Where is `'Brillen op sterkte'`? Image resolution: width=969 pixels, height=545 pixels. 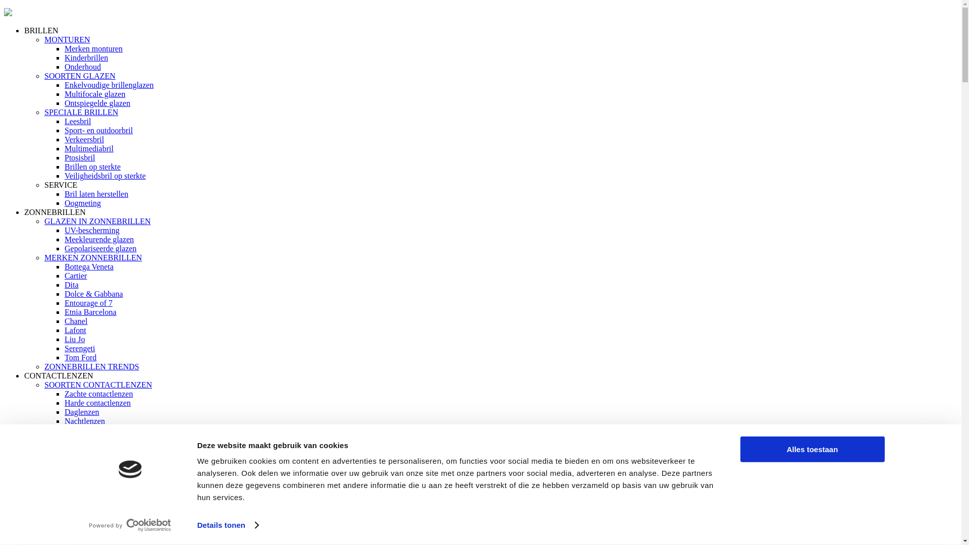
'Brillen op sterkte' is located at coordinates (92, 166).